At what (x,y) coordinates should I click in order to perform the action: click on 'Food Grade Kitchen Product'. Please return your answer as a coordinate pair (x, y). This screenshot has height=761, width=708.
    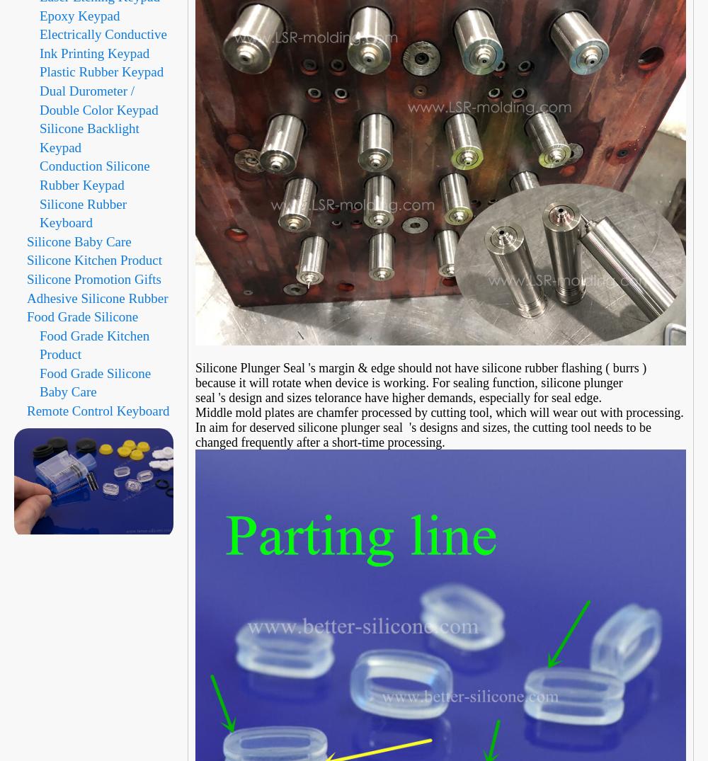
    Looking at the image, I should click on (94, 344).